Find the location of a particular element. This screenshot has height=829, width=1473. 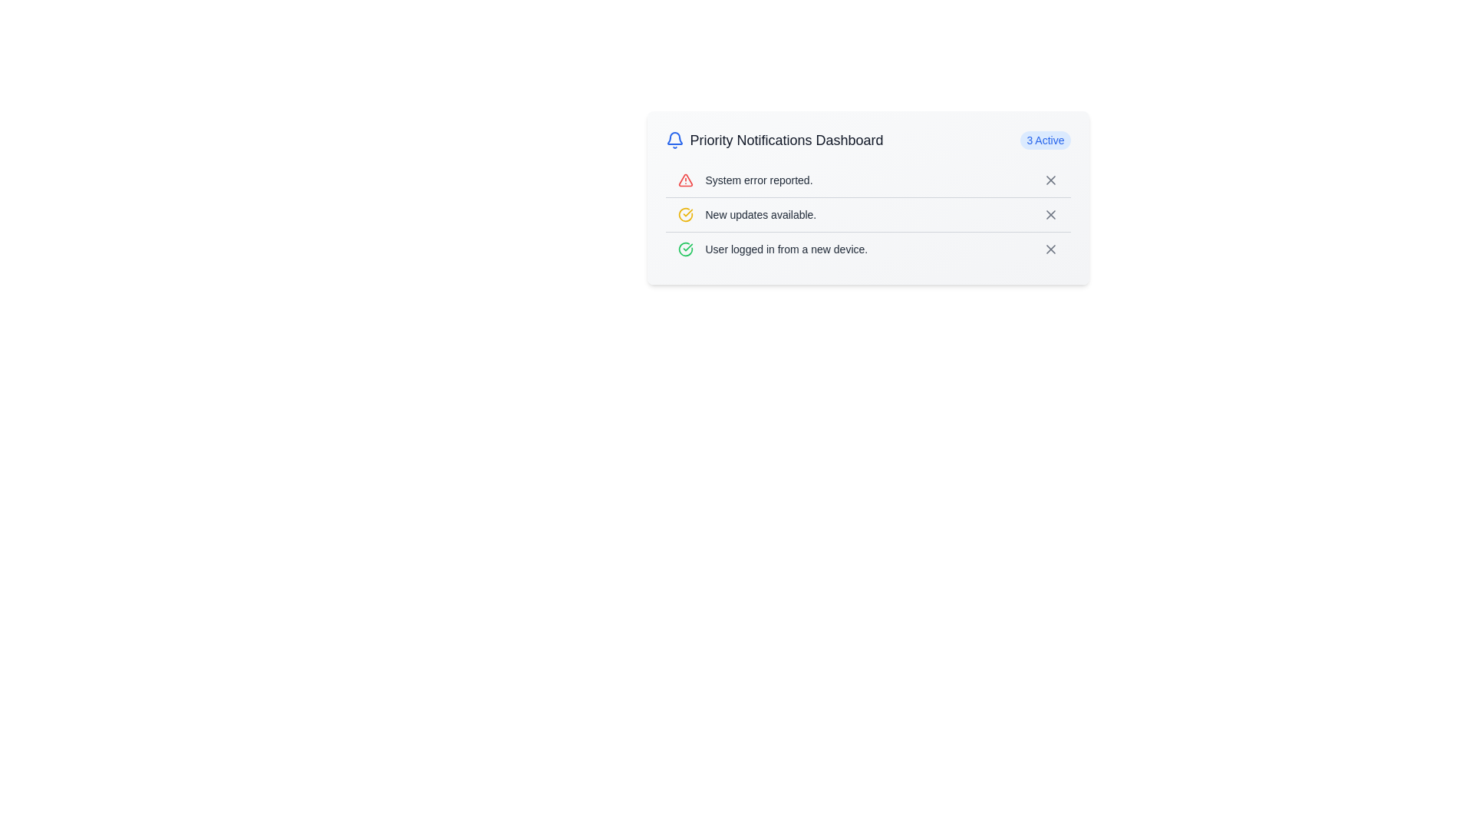

the third notification entry in the 'Priority Notifications Dashboard' that displays 'User logged in from a new device.' is located at coordinates (868, 248).